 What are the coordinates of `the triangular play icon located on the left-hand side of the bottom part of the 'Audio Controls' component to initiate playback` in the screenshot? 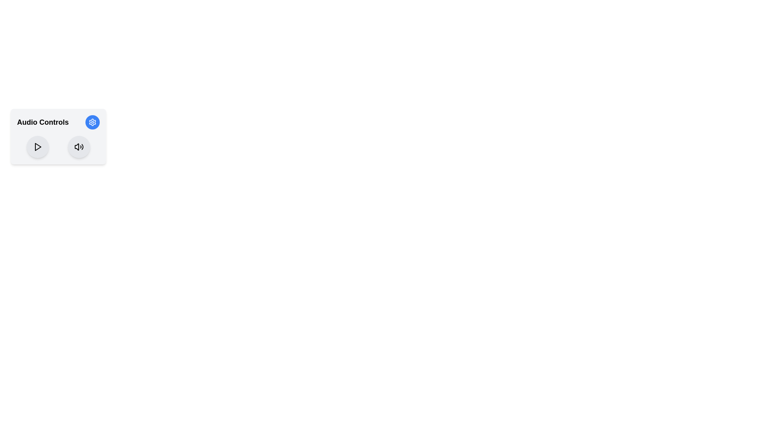 It's located at (38, 147).